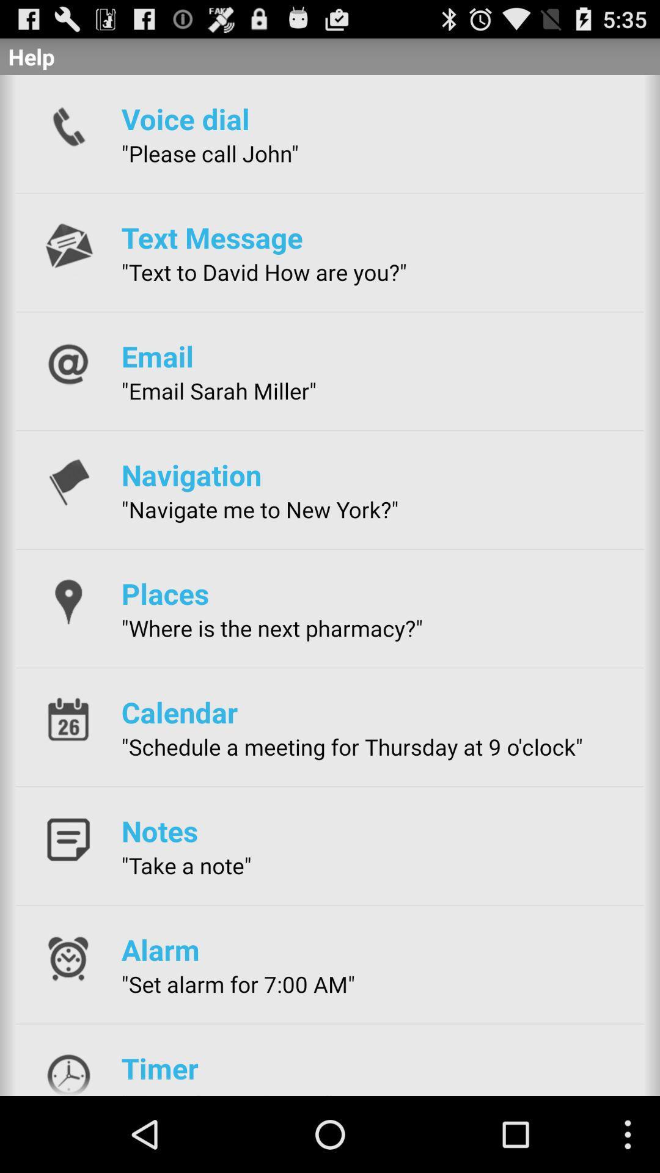 This screenshot has height=1173, width=660. What do you see at coordinates (259, 510) in the screenshot?
I see `app below the navigation item` at bounding box center [259, 510].